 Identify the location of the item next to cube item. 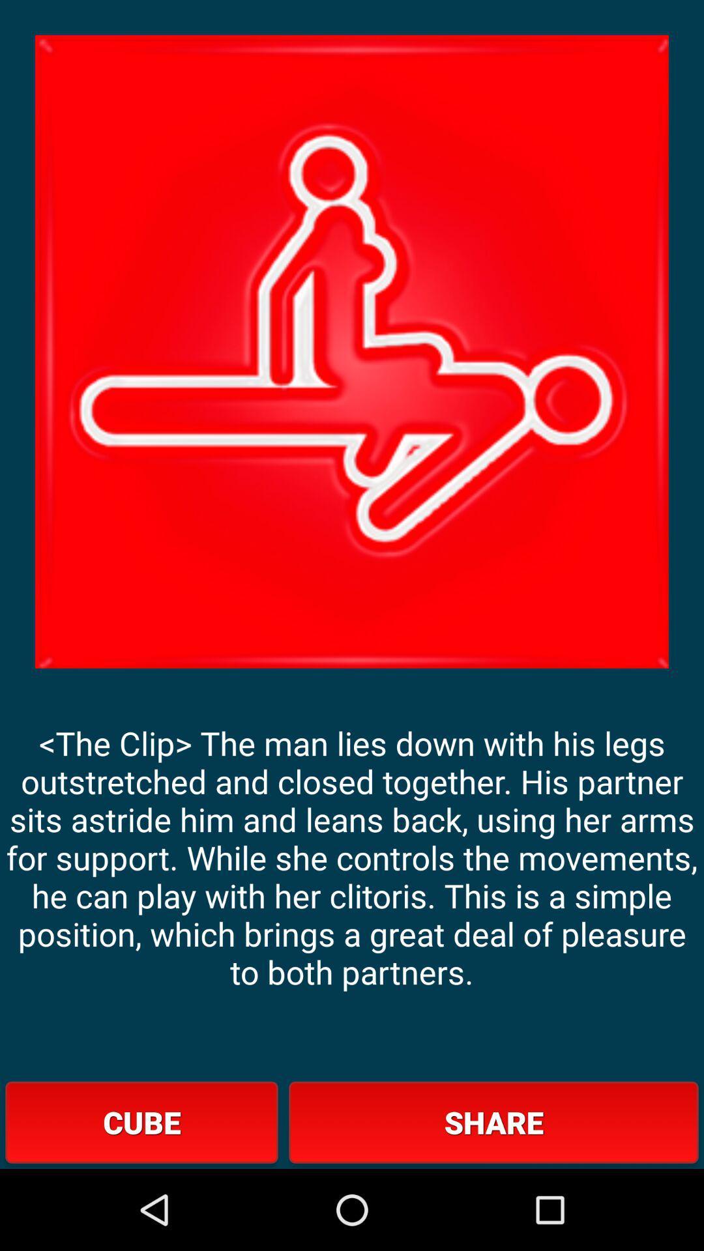
(493, 1121).